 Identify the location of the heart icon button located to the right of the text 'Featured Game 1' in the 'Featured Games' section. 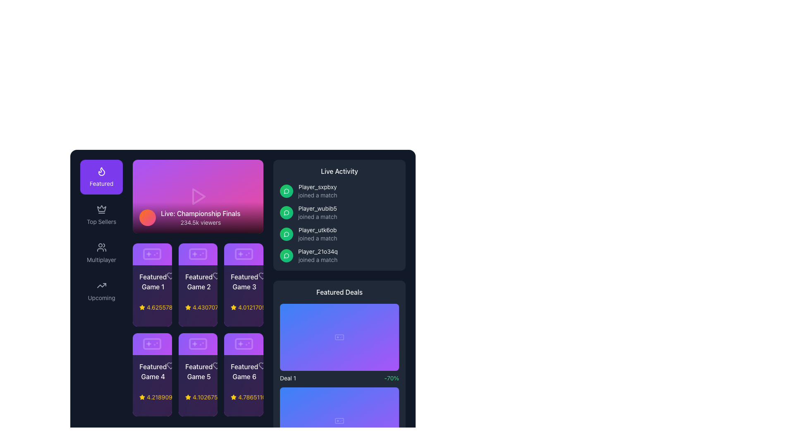
(170, 276).